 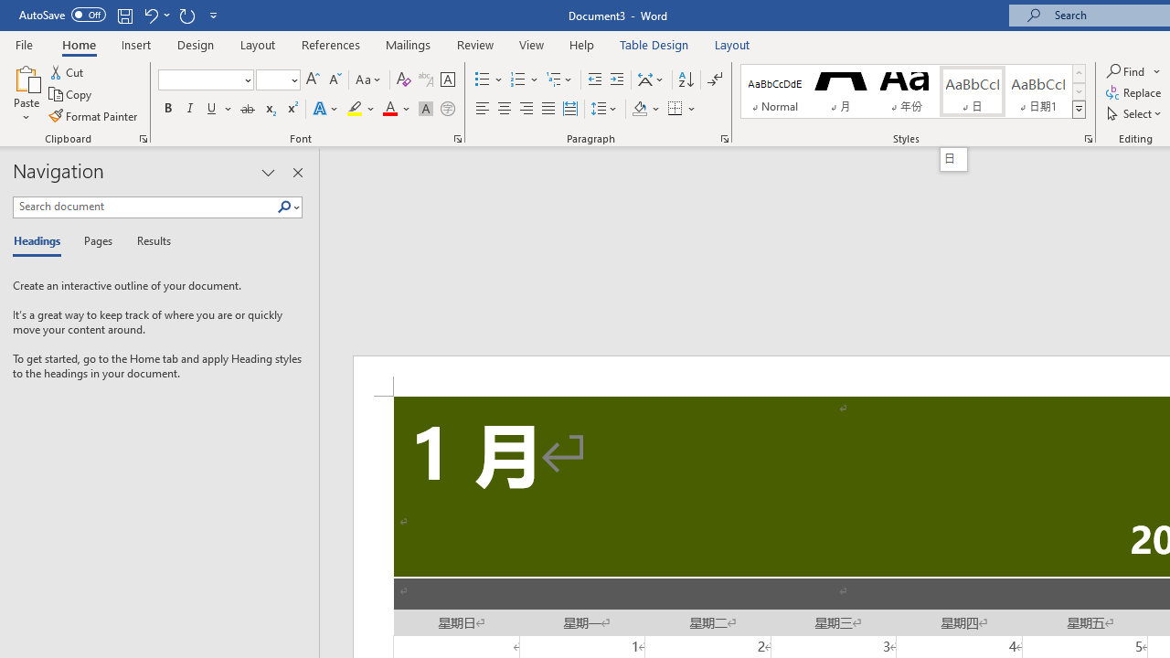 What do you see at coordinates (526, 109) in the screenshot?
I see `'Align Right'` at bounding box center [526, 109].